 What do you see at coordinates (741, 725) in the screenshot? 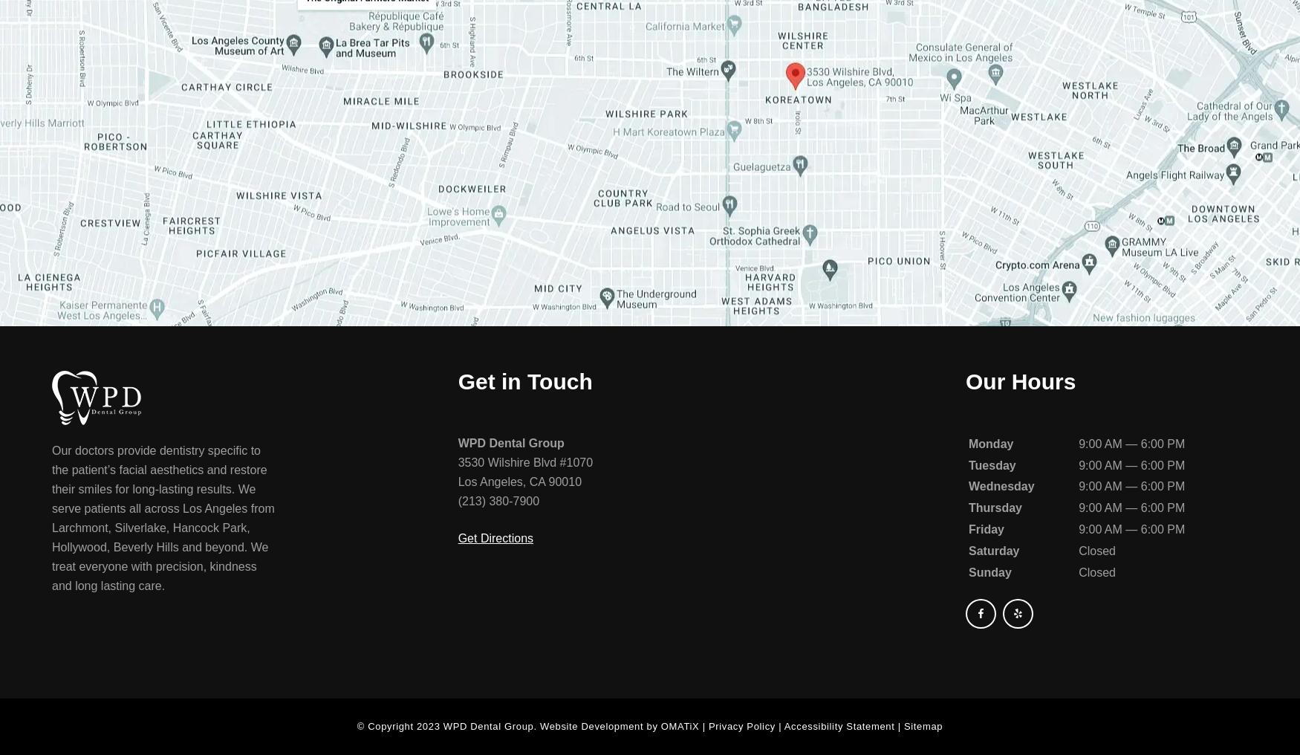
I see `'Privacy Policy'` at bounding box center [741, 725].